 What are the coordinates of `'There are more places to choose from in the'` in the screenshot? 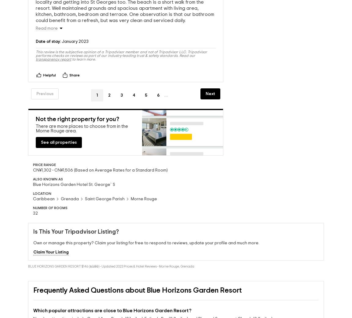 It's located at (82, 128).